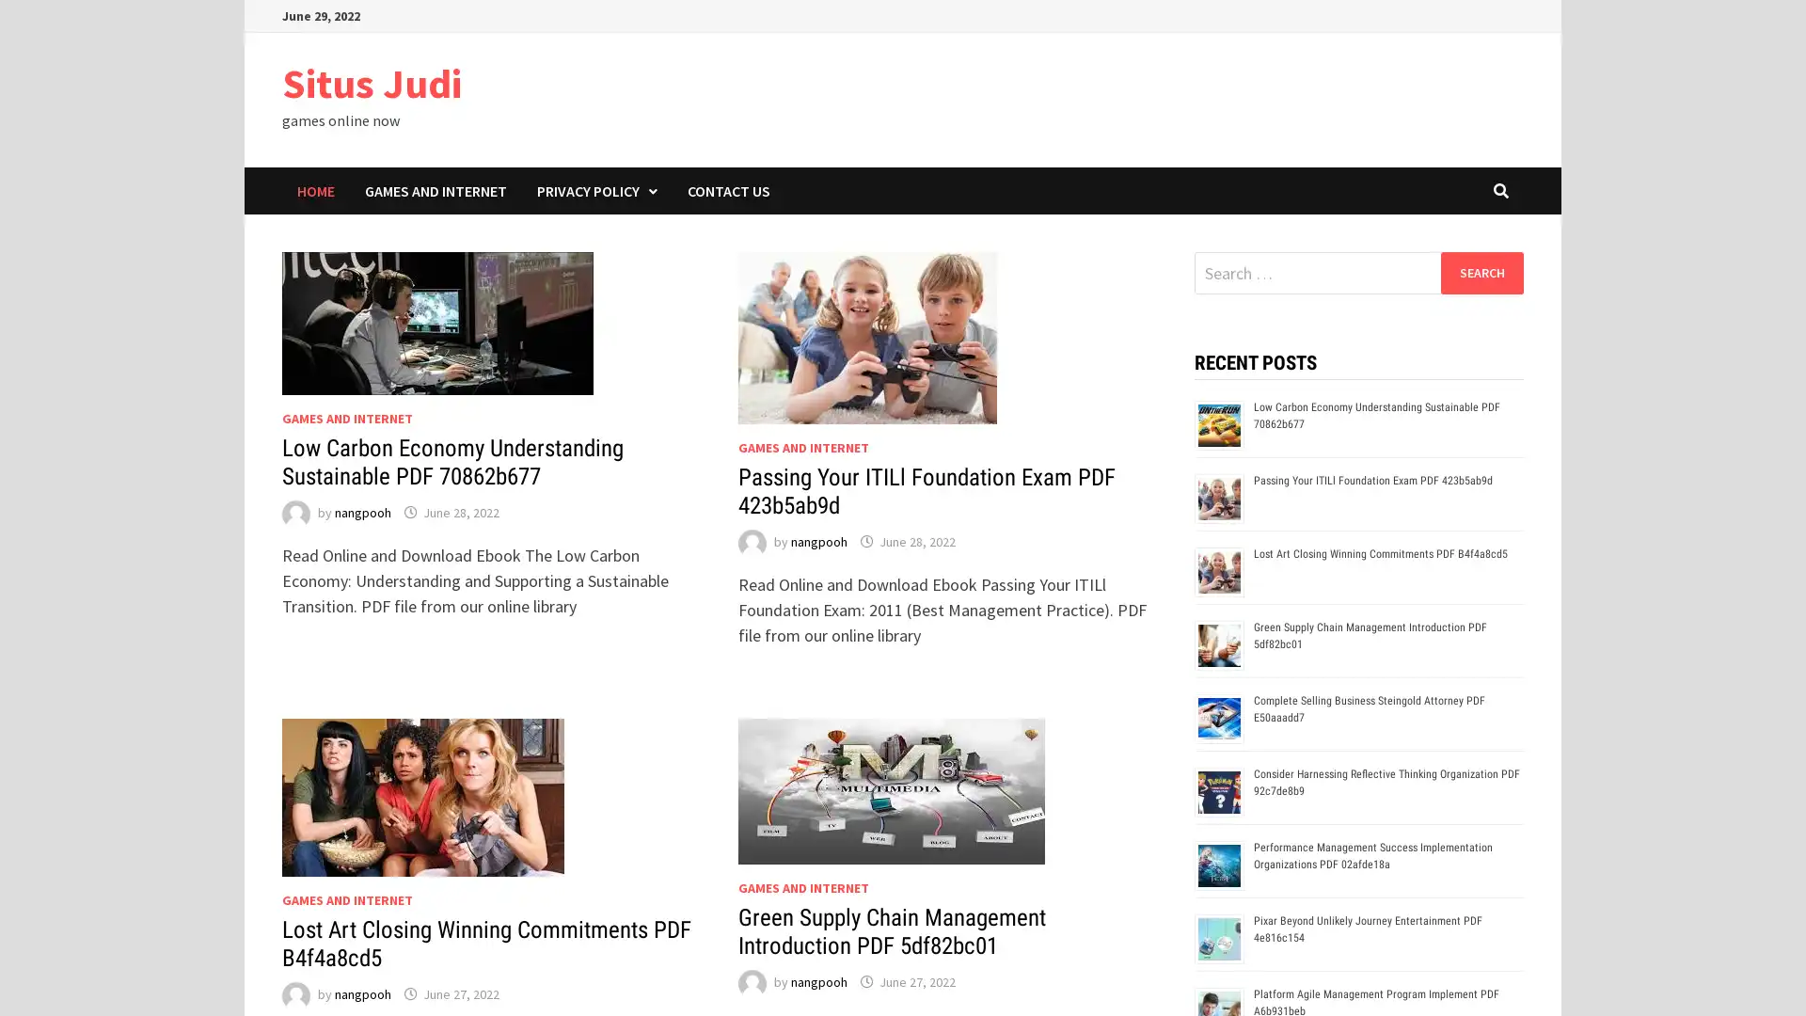  Describe the element at coordinates (1481, 272) in the screenshot. I see `Search` at that location.